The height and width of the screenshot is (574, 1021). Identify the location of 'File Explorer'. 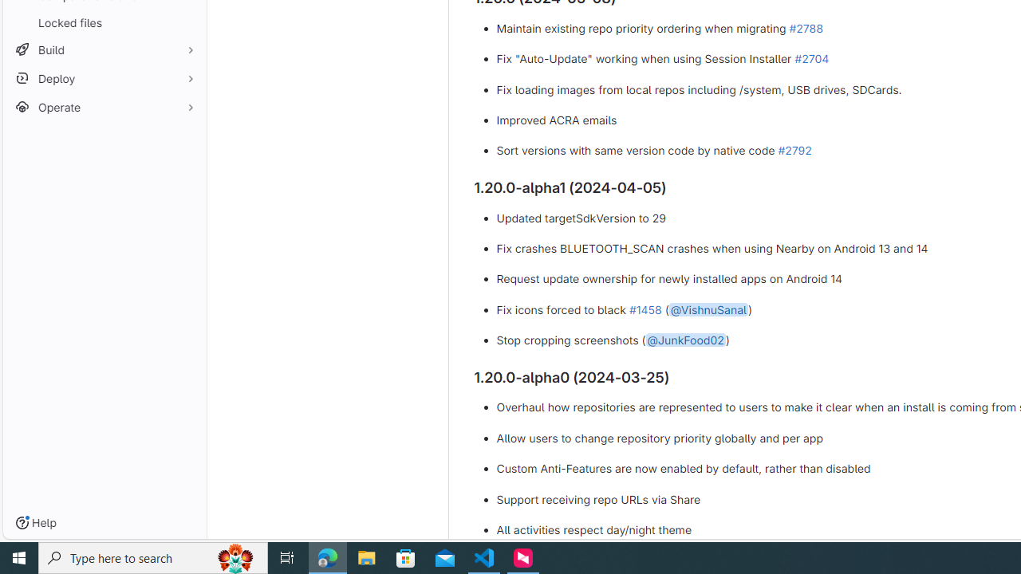
(366, 556).